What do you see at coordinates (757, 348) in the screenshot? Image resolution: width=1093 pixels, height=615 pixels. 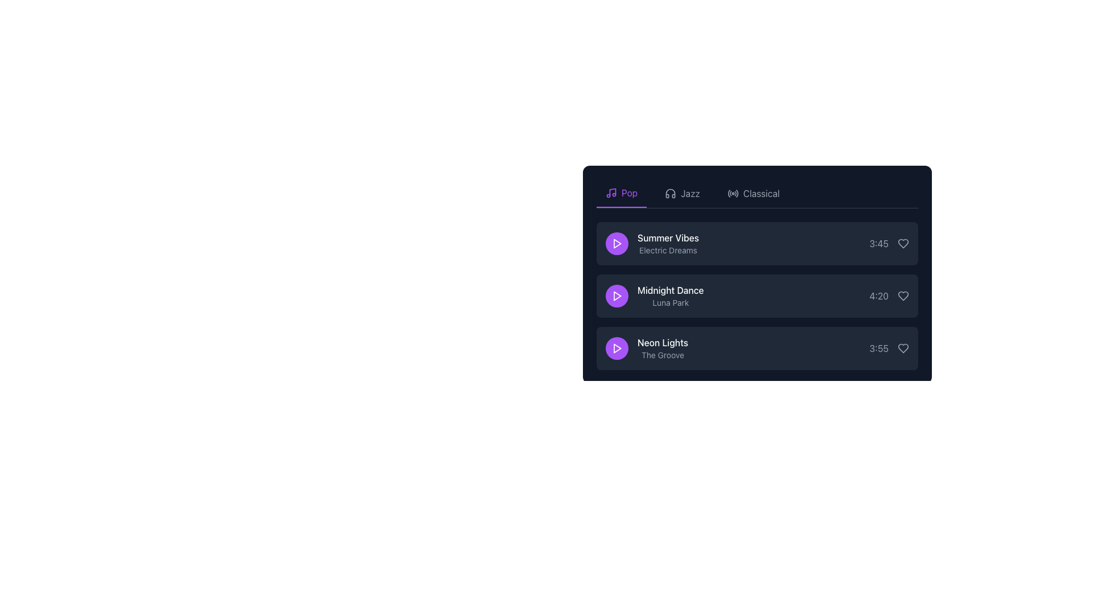 I see `the list item representing the music track 'Neon Lights' by 'The Groove' for additional options` at bounding box center [757, 348].